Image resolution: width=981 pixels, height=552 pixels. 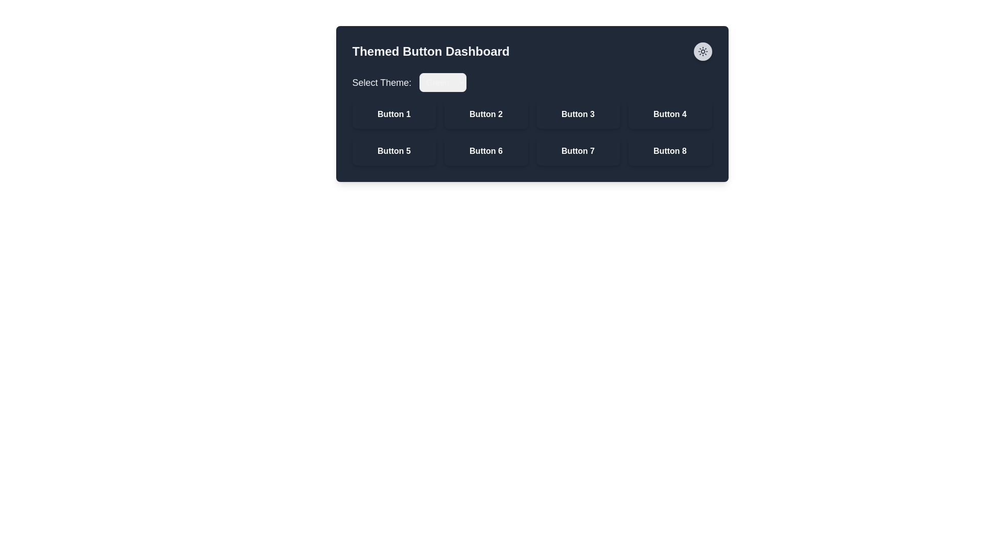 What do you see at coordinates (431, 51) in the screenshot?
I see `title text located at the top-left corner of the dashboard interface, which serves as a heading for the displayed interface` at bounding box center [431, 51].